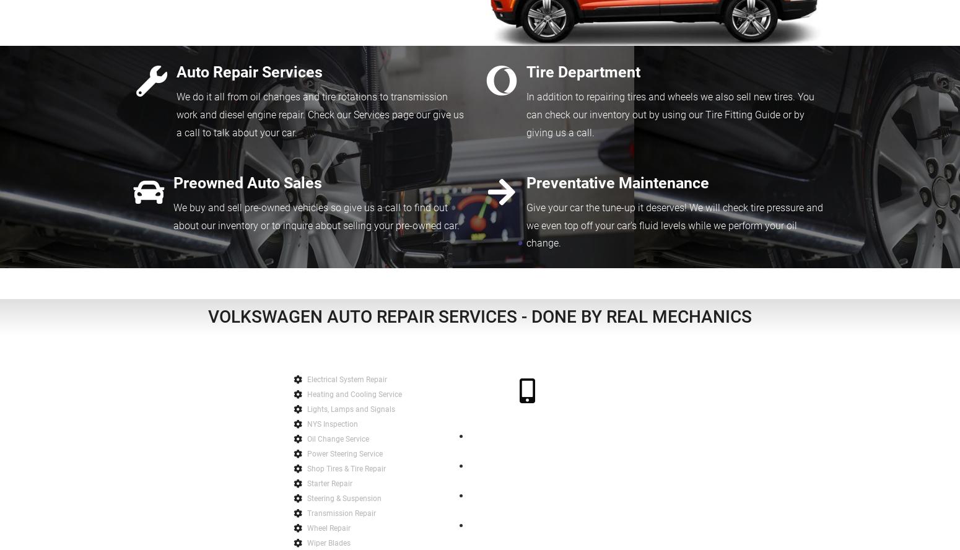 This screenshot has width=960, height=550. I want to click on 'In addition to repairing tires and wheels we also sell new tires. You can check our inventory out by using our Tire Fitting Guide or by giving us a call.', so click(670, 114).